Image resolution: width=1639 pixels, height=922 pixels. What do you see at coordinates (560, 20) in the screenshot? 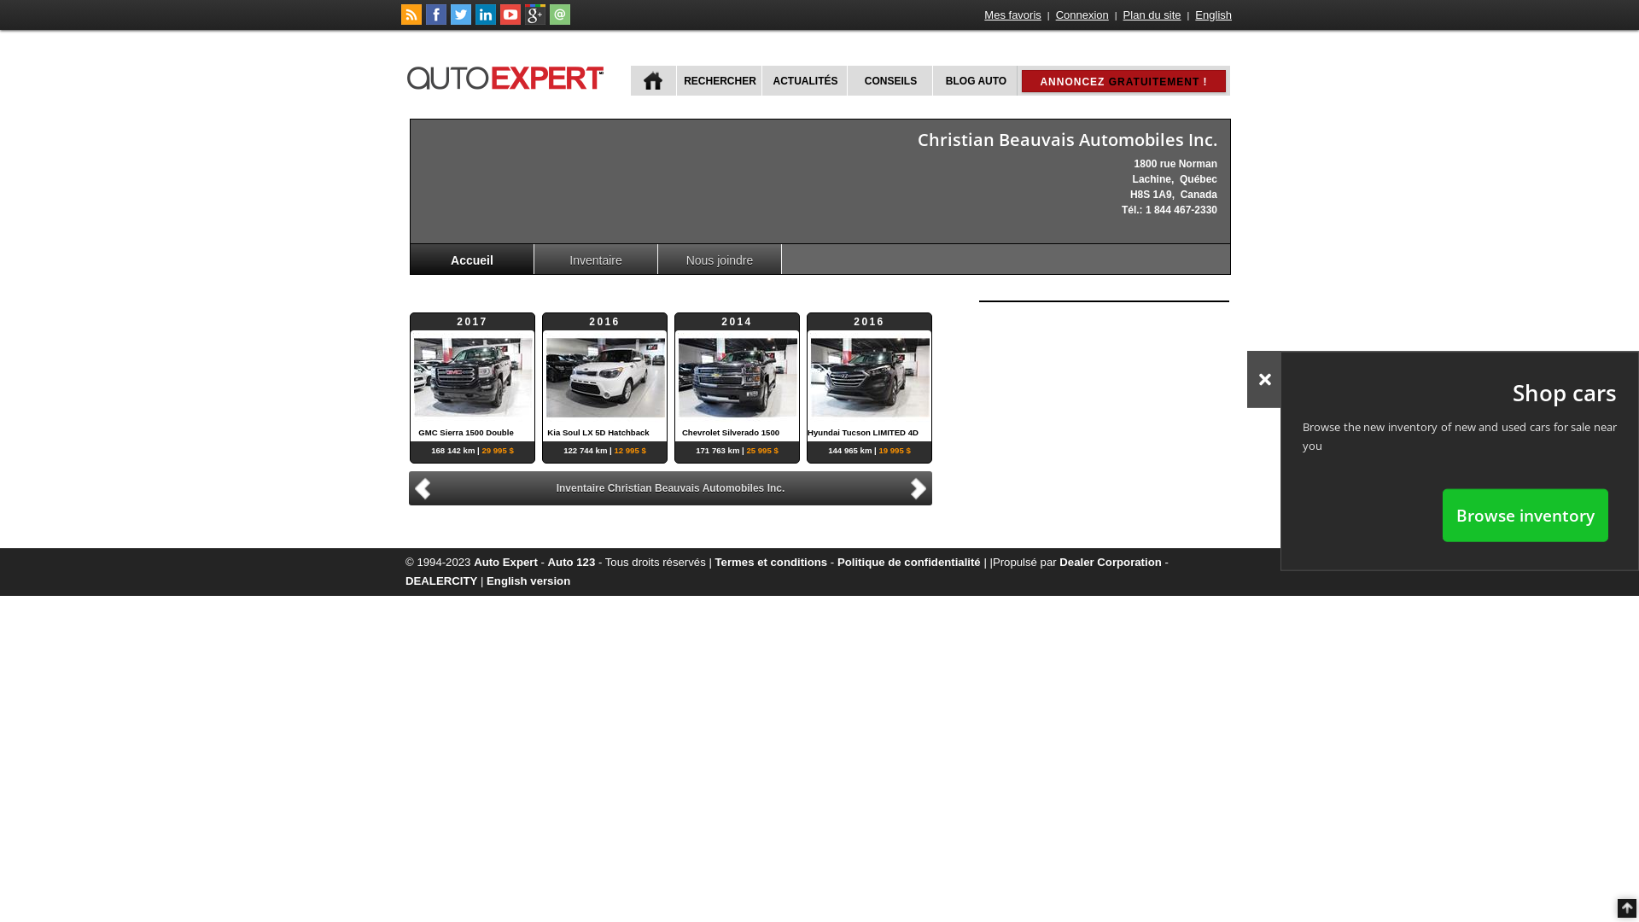
I see `'Joindre autoExpert.ca'` at bounding box center [560, 20].